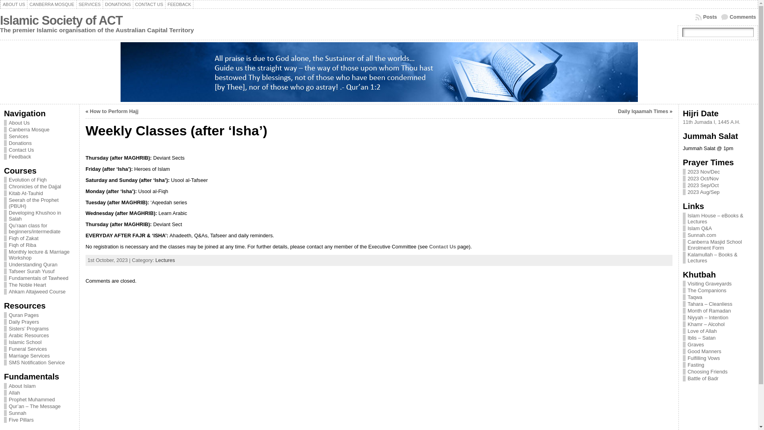 The height and width of the screenshot is (430, 764). Describe the element at coordinates (39, 291) in the screenshot. I see `'Ahkam Altajweed Course'` at that location.